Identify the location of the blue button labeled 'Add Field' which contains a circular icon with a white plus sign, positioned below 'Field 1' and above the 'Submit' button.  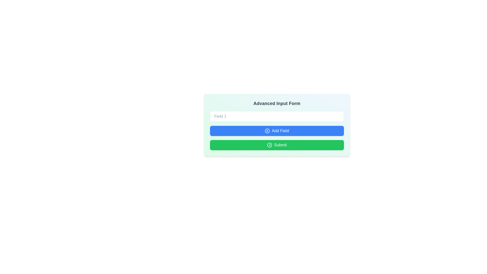
(276, 131).